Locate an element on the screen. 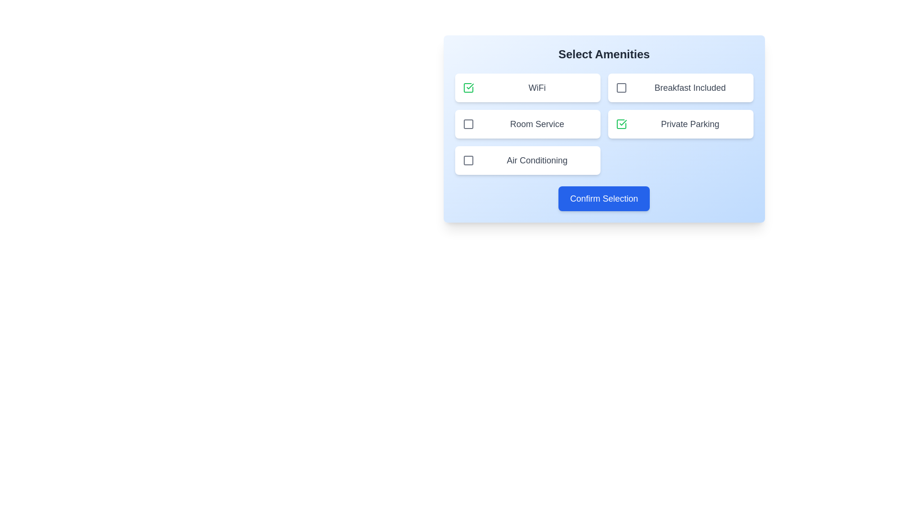 Image resolution: width=918 pixels, height=516 pixels. text label 'Air Conditioning' which is styled in medium gray font and is part of the amenities selection interface, located in the fourth row of the grid layout is located at coordinates (537, 160).